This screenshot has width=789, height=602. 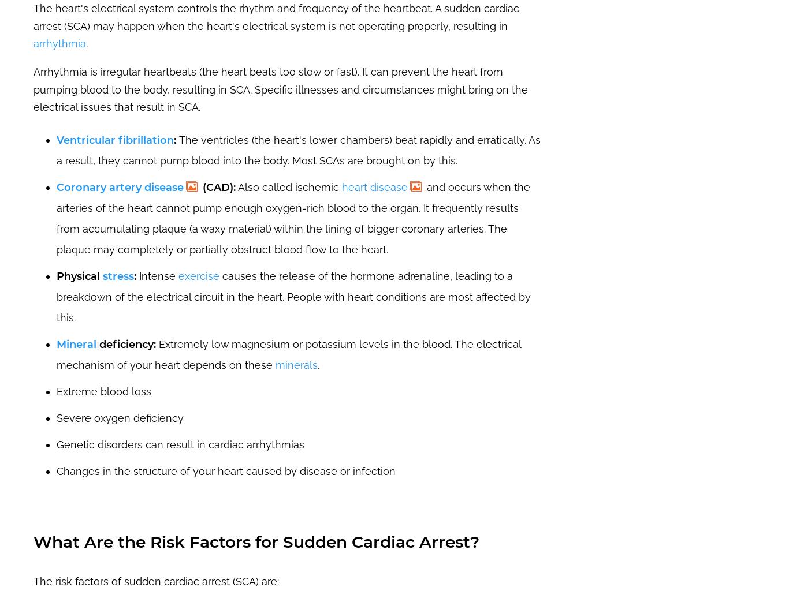 What do you see at coordinates (56, 343) in the screenshot?
I see `'Mineral'` at bounding box center [56, 343].